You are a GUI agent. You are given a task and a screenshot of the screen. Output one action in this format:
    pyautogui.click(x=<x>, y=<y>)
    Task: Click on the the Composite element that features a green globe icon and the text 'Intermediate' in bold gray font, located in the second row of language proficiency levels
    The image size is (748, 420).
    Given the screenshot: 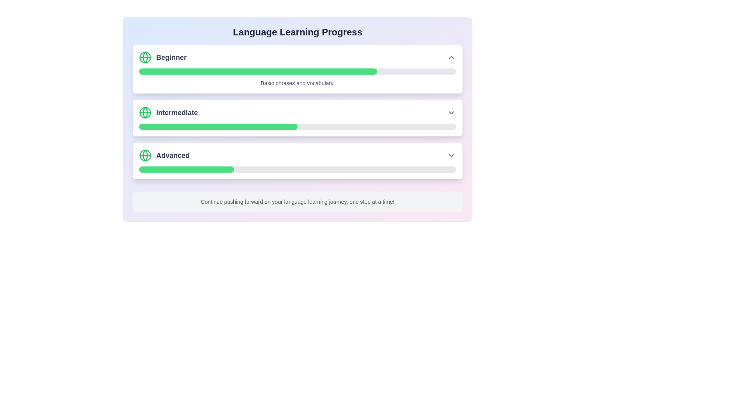 What is the action you would take?
    pyautogui.click(x=168, y=112)
    